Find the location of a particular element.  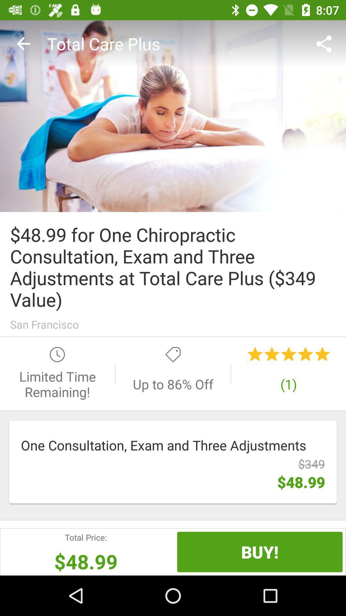

item to the left of the total care plus is located at coordinates (23, 43).